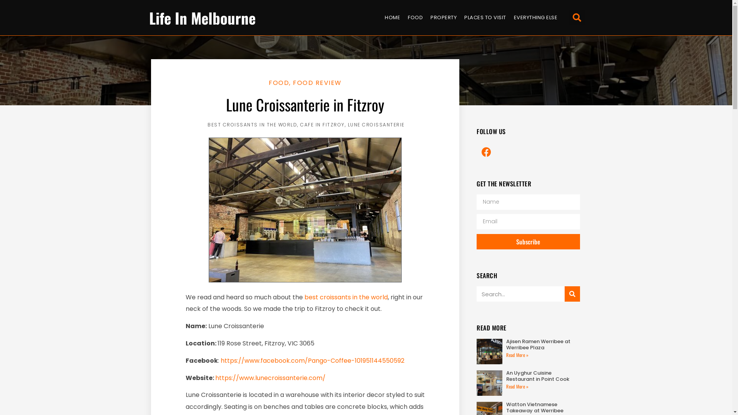  I want to click on 'https://www.facebook.com/Pango-Coffee-101951144550592', so click(312, 360).